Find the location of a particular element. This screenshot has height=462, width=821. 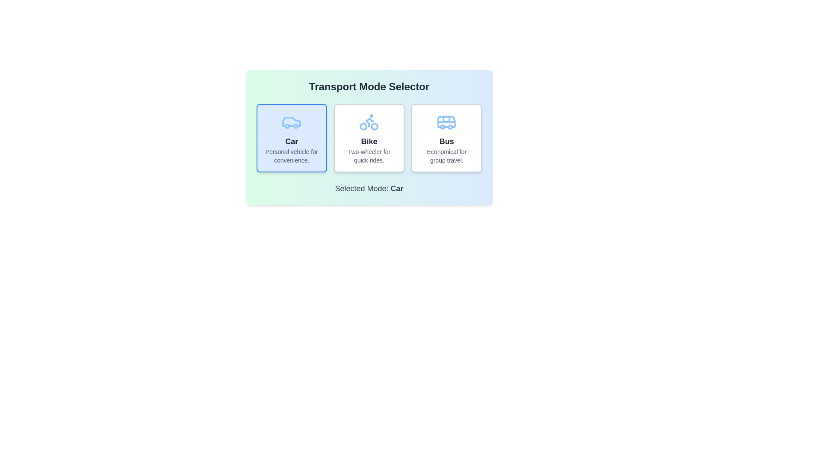

the Text Label located below the title 'Bike' in the second card of a horizontal row of three cards is located at coordinates (369, 156).